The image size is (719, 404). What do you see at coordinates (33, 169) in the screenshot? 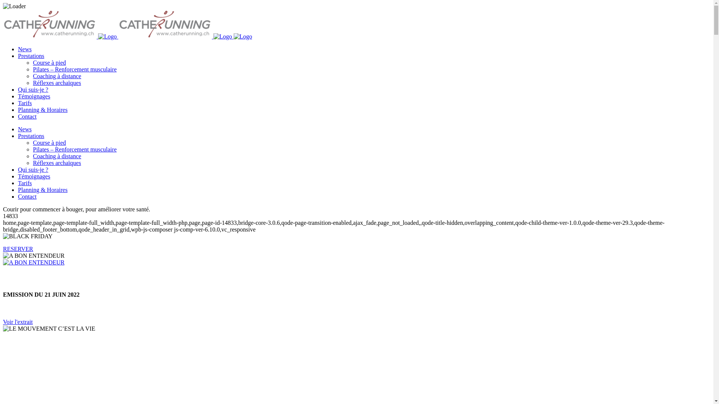
I see `'Qui suis-je ?'` at bounding box center [33, 169].